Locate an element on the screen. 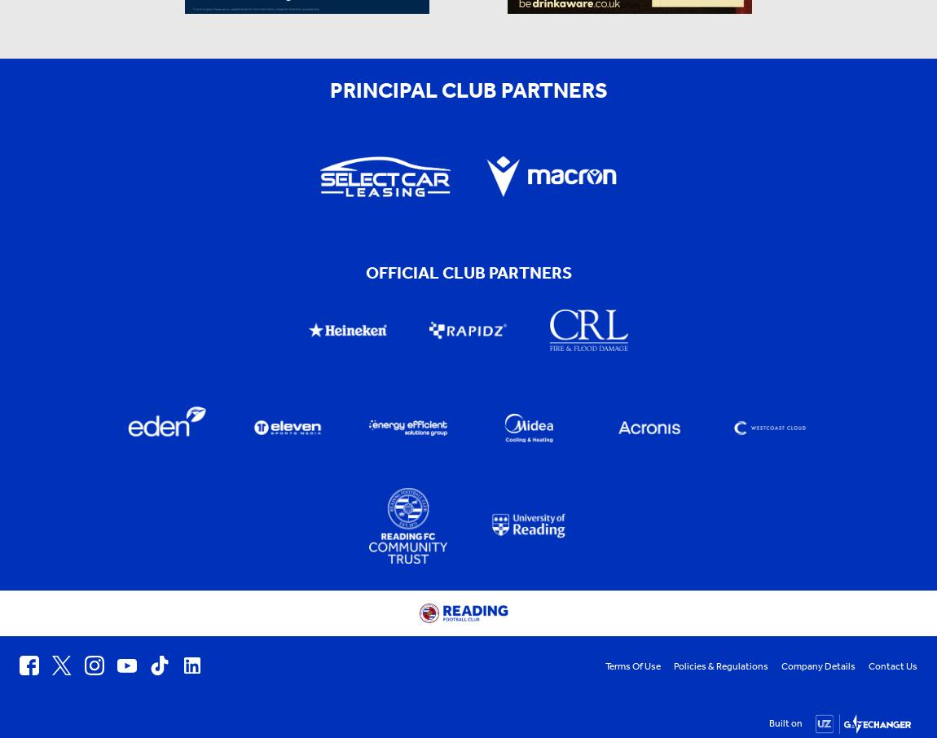 This screenshot has height=738, width=937. 'Company Details' is located at coordinates (818, 666).